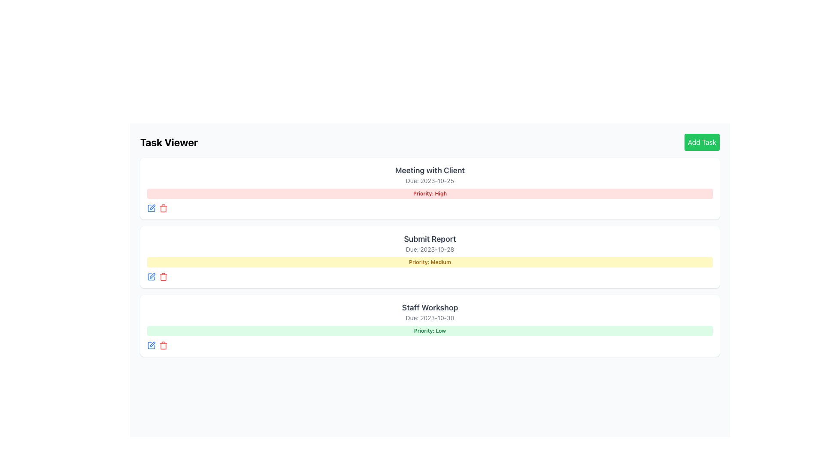 This screenshot has height=463, width=824. I want to click on text label located at the top of the 'Staff Workshop' task card, which provides a brief description of the task's content, so click(430, 307).